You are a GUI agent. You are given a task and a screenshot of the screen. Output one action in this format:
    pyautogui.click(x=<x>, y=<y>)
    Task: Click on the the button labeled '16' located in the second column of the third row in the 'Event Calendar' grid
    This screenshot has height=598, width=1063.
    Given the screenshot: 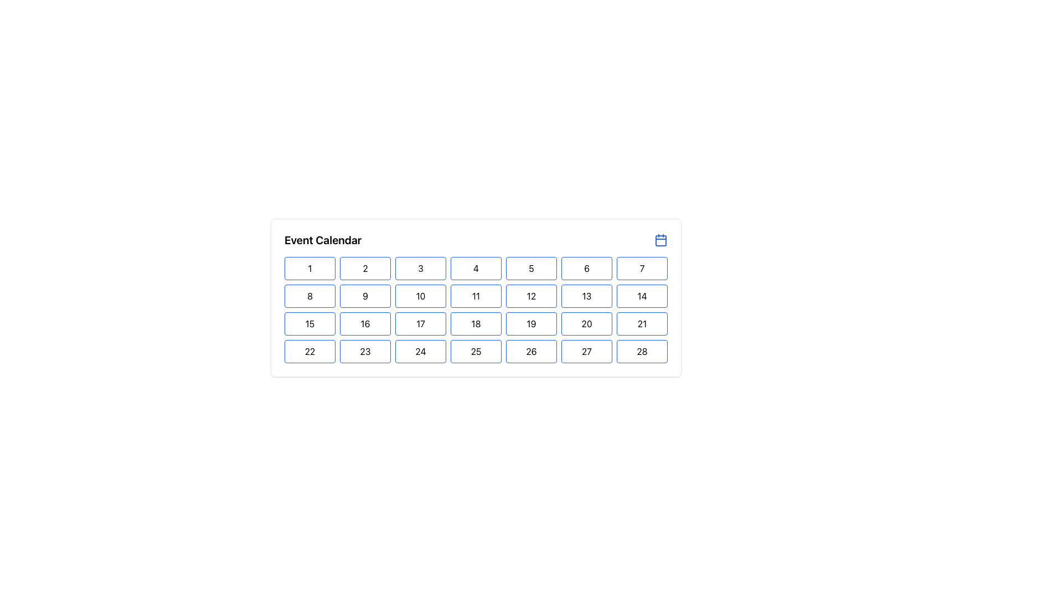 What is the action you would take?
    pyautogui.click(x=365, y=324)
    